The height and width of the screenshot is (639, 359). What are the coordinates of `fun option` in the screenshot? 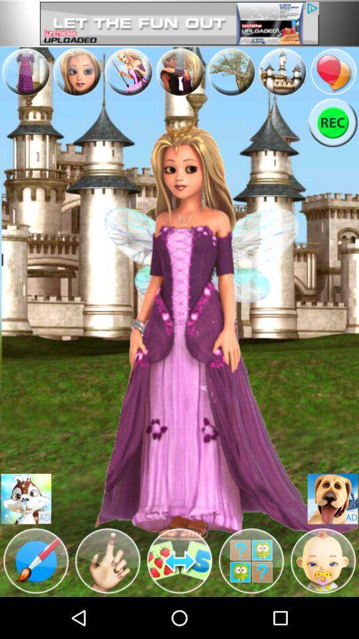 It's located at (25, 72).